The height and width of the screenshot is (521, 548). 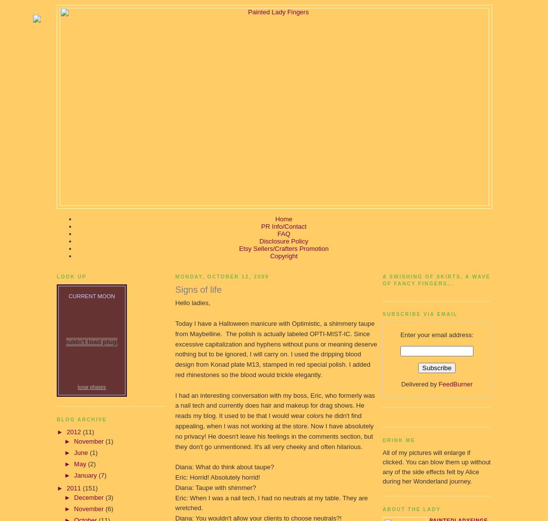 I want to click on 'Copyright', so click(x=283, y=256).